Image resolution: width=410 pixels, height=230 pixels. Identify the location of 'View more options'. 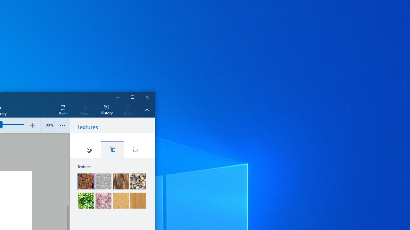
(62, 125).